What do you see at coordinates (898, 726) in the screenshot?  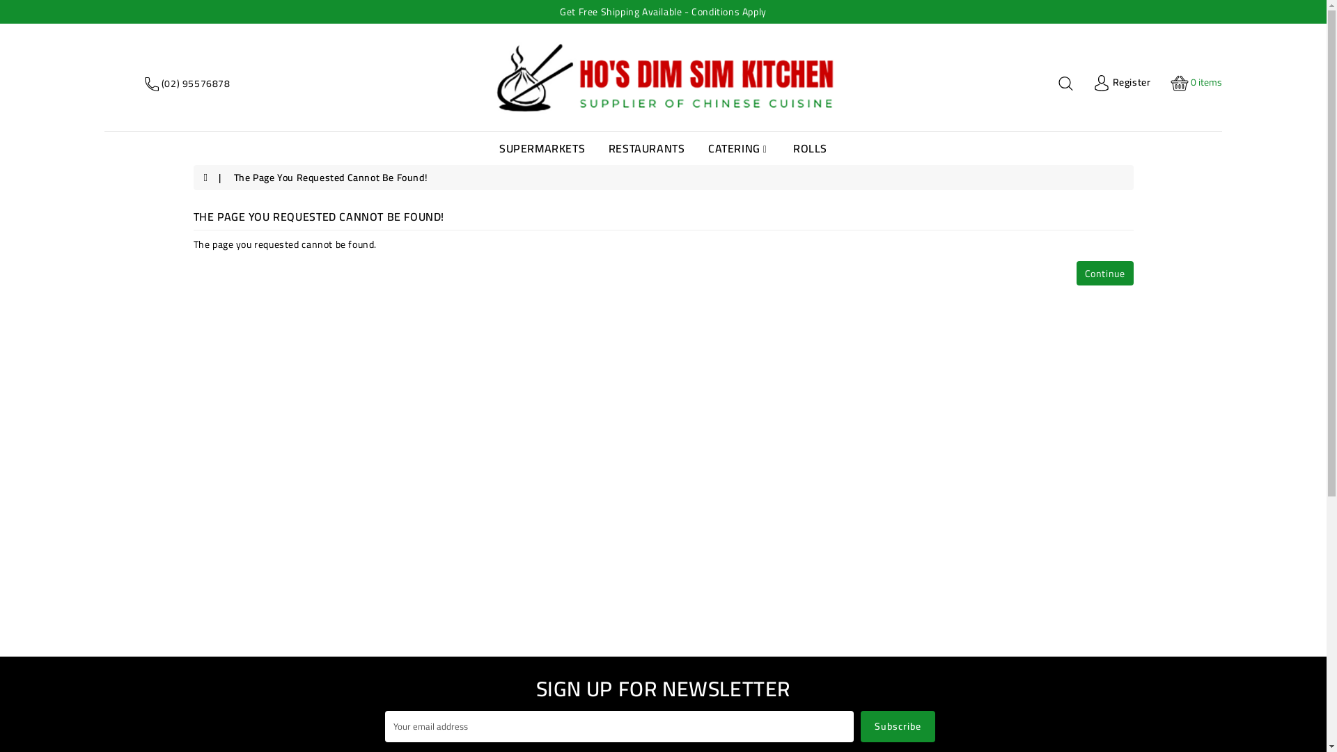 I see `'Subscribe'` at bounding box center [898, 726].